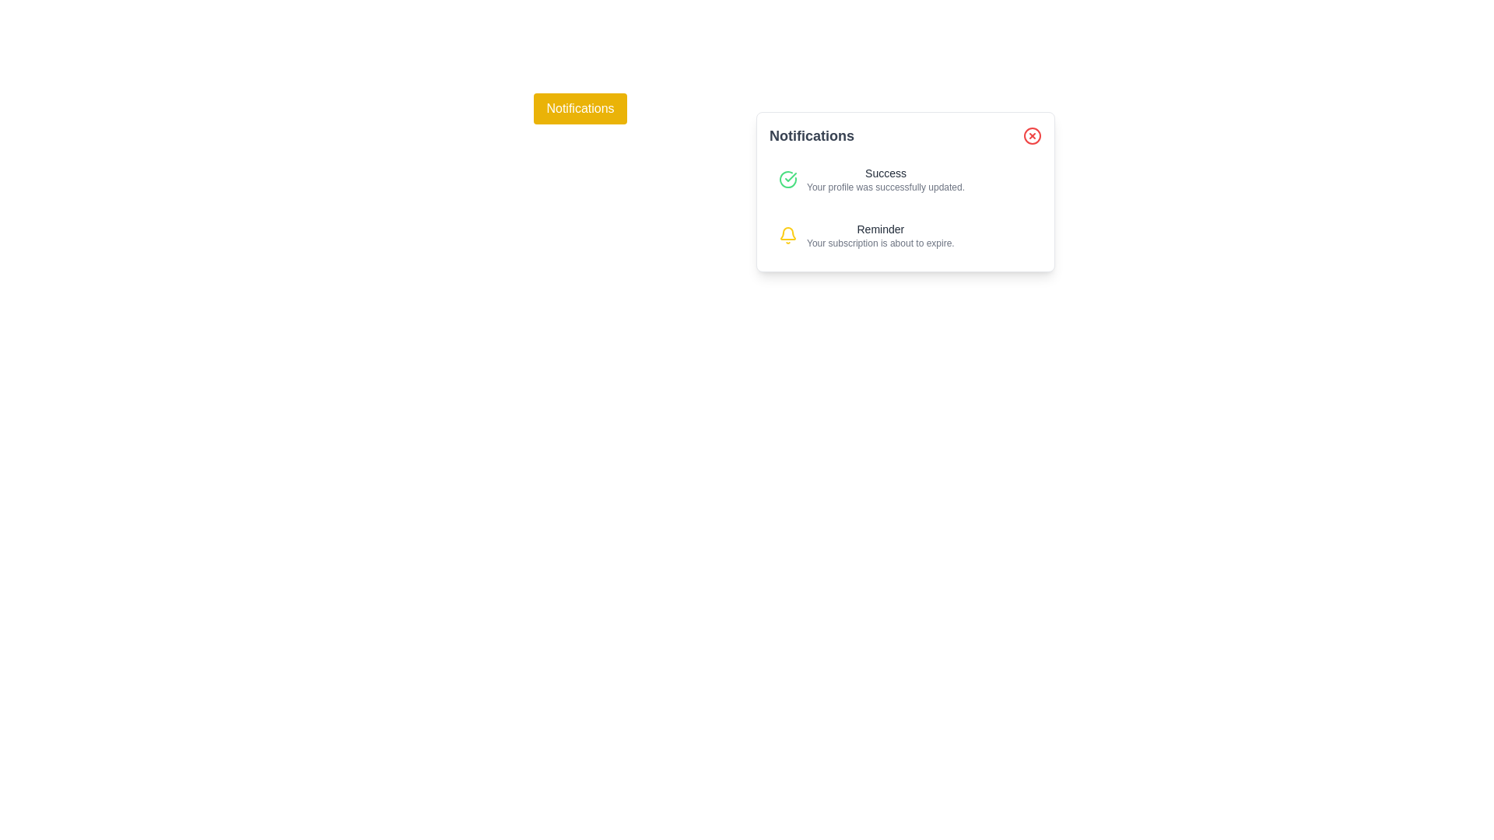 The height and width of the screenshot is (840, 1494). I want to click on the notification message indicating that the user's subscription is nearing expiration, so click(880, 236).